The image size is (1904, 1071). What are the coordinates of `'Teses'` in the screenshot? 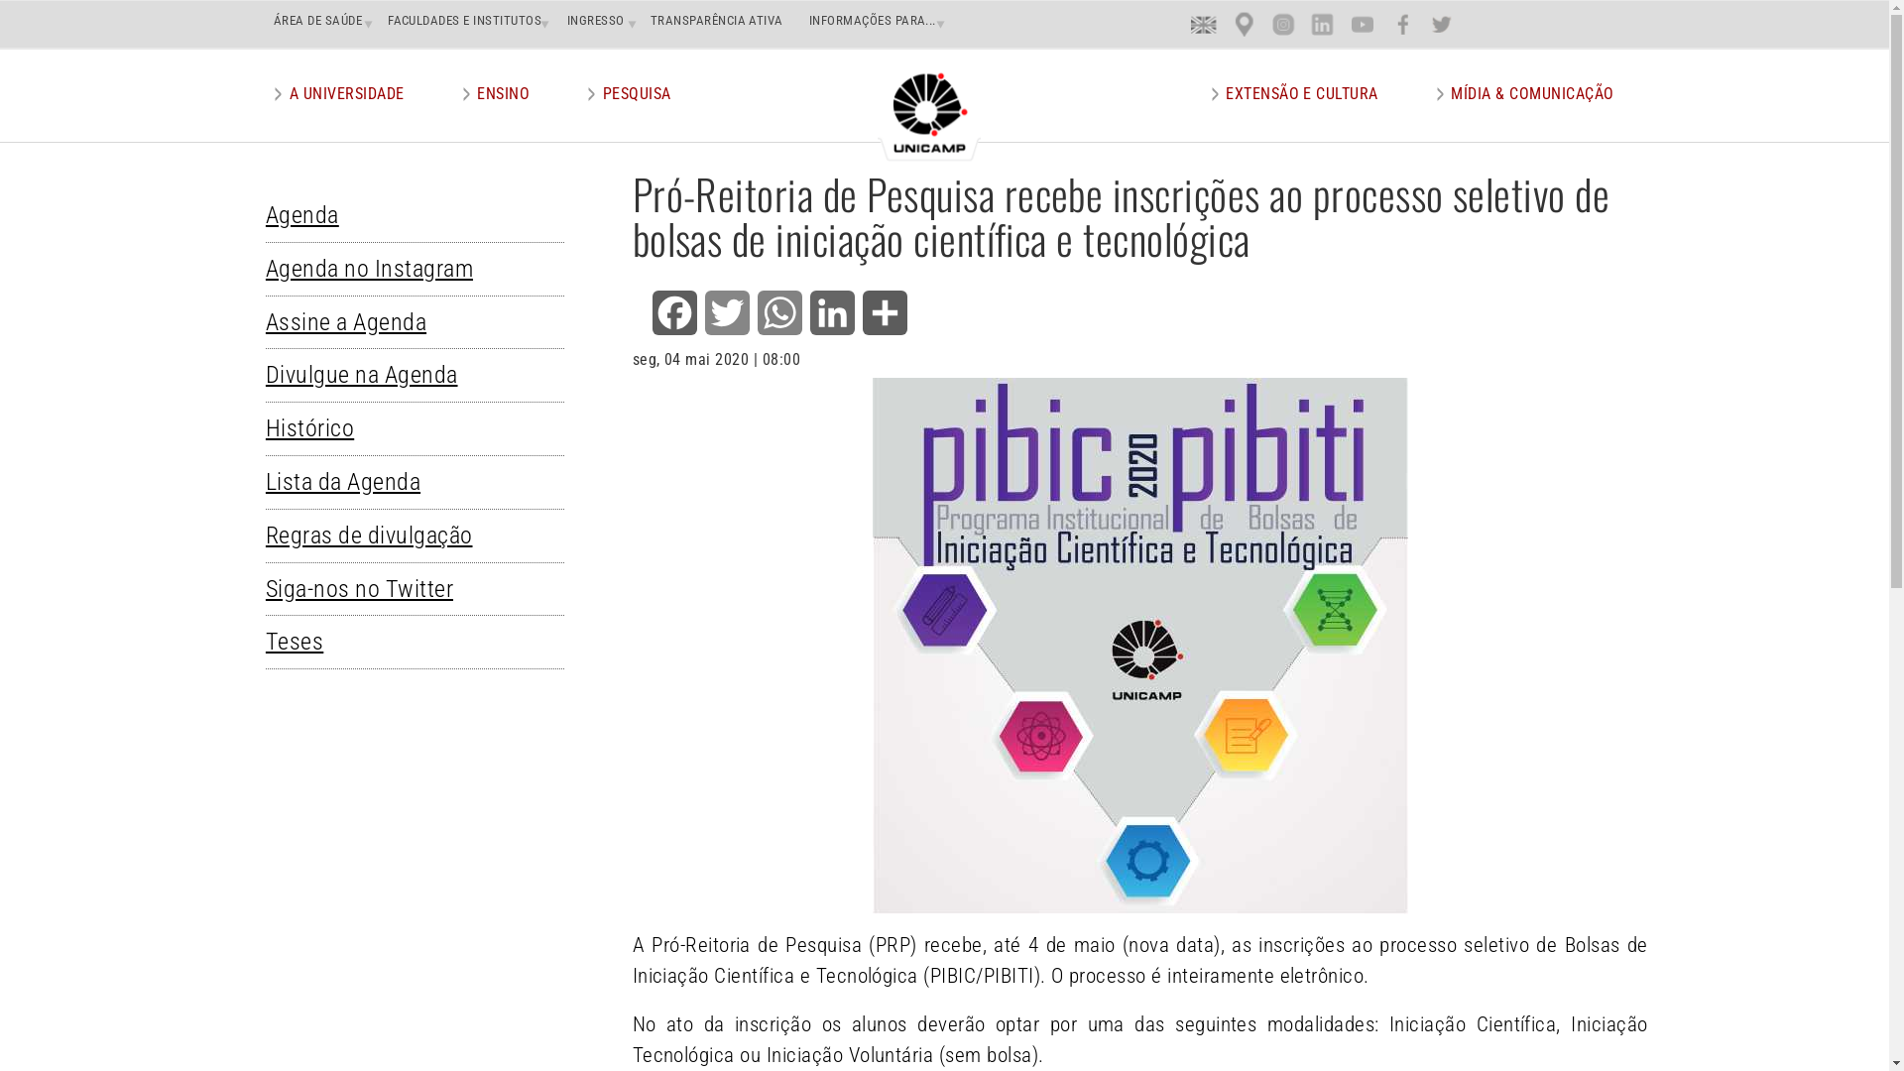 It's located at (265, 642).